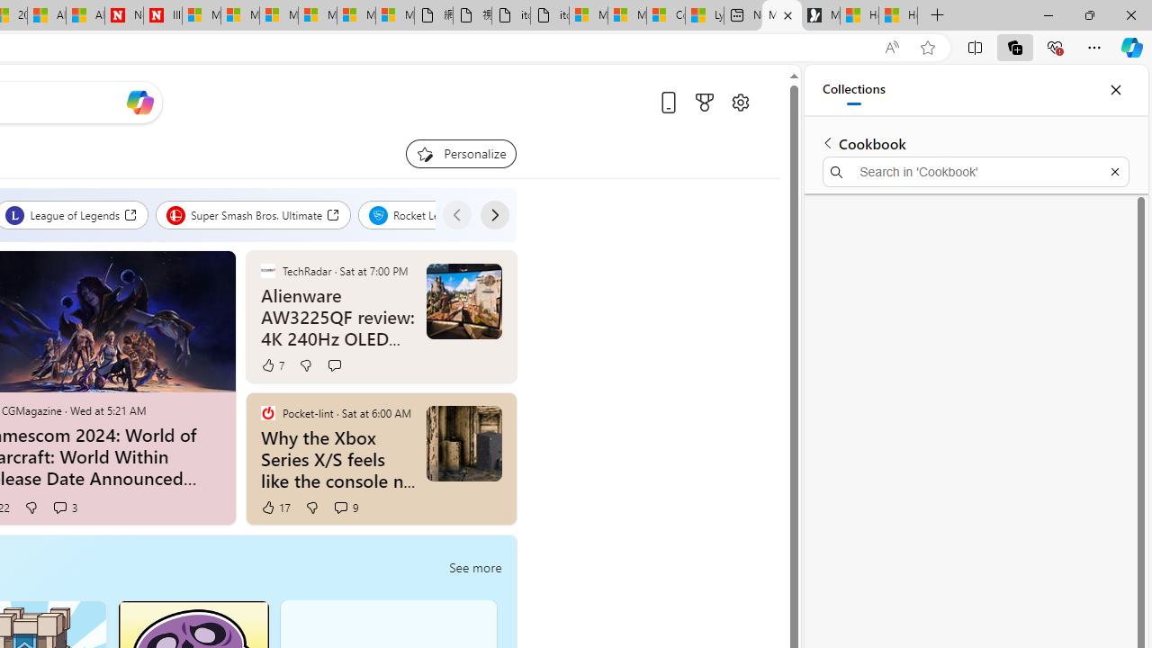 This screenshot has width=1152, height=648. I want to click on 'TechRadar', so click(266, 270).